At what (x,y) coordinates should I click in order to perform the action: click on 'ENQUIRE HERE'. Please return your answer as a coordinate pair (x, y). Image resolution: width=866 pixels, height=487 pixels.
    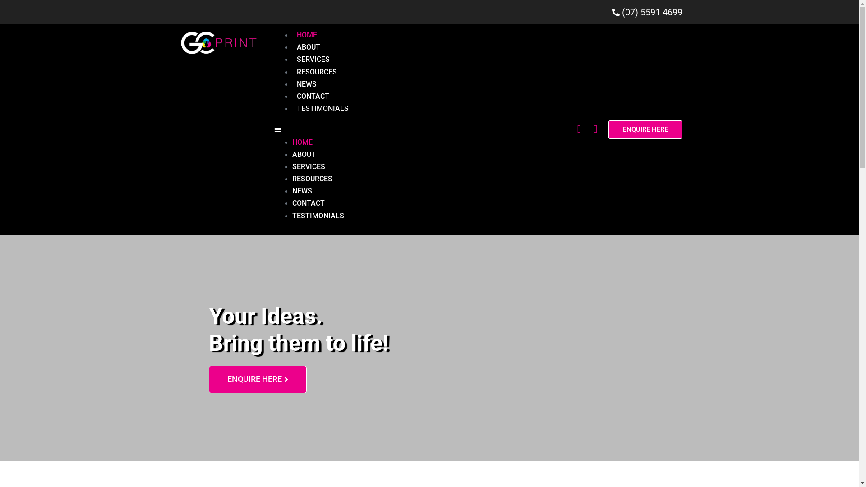
    Looking at the image, I should click on (207, 379).